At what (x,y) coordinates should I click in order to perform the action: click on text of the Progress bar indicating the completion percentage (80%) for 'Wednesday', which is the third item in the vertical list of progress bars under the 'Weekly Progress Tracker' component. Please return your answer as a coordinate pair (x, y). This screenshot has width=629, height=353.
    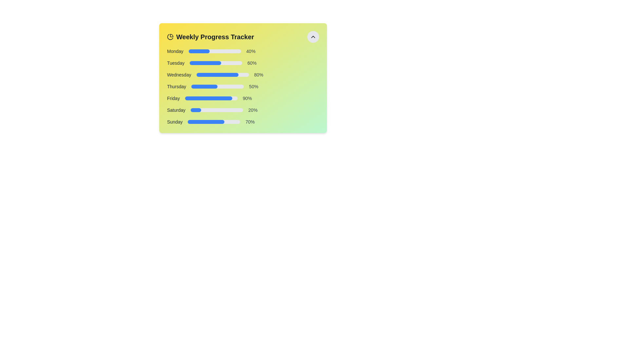
    Looking at the image, I should click on (243, 74).